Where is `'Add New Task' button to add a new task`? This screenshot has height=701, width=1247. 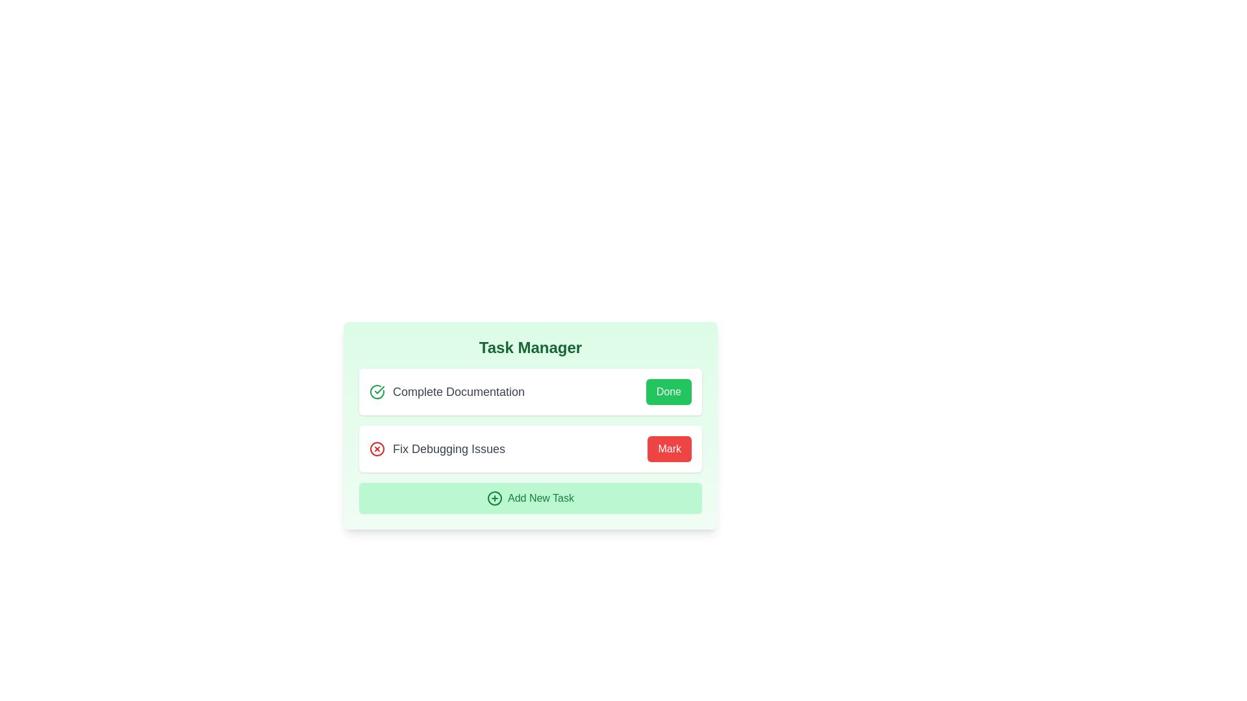 'Add New Task' button to add a new task is located at coordinates (530, 497).